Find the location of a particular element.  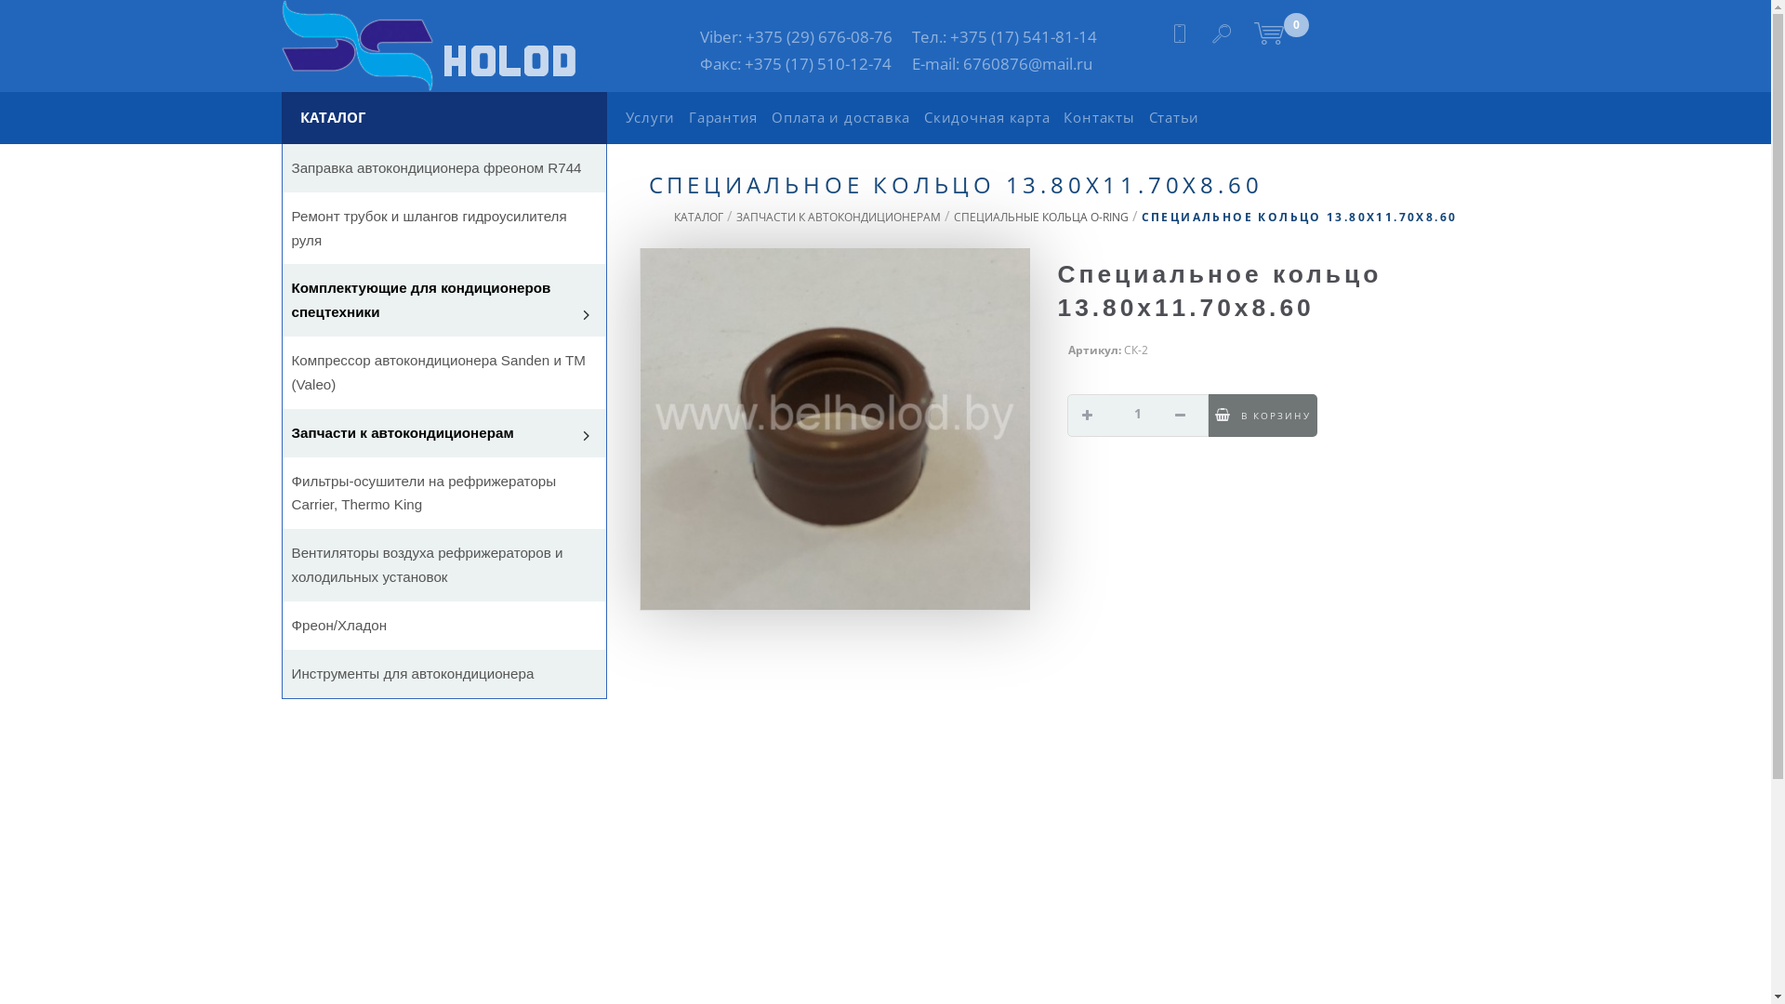

'6760876@mail.ru' is located at coordinates (1026, 62).